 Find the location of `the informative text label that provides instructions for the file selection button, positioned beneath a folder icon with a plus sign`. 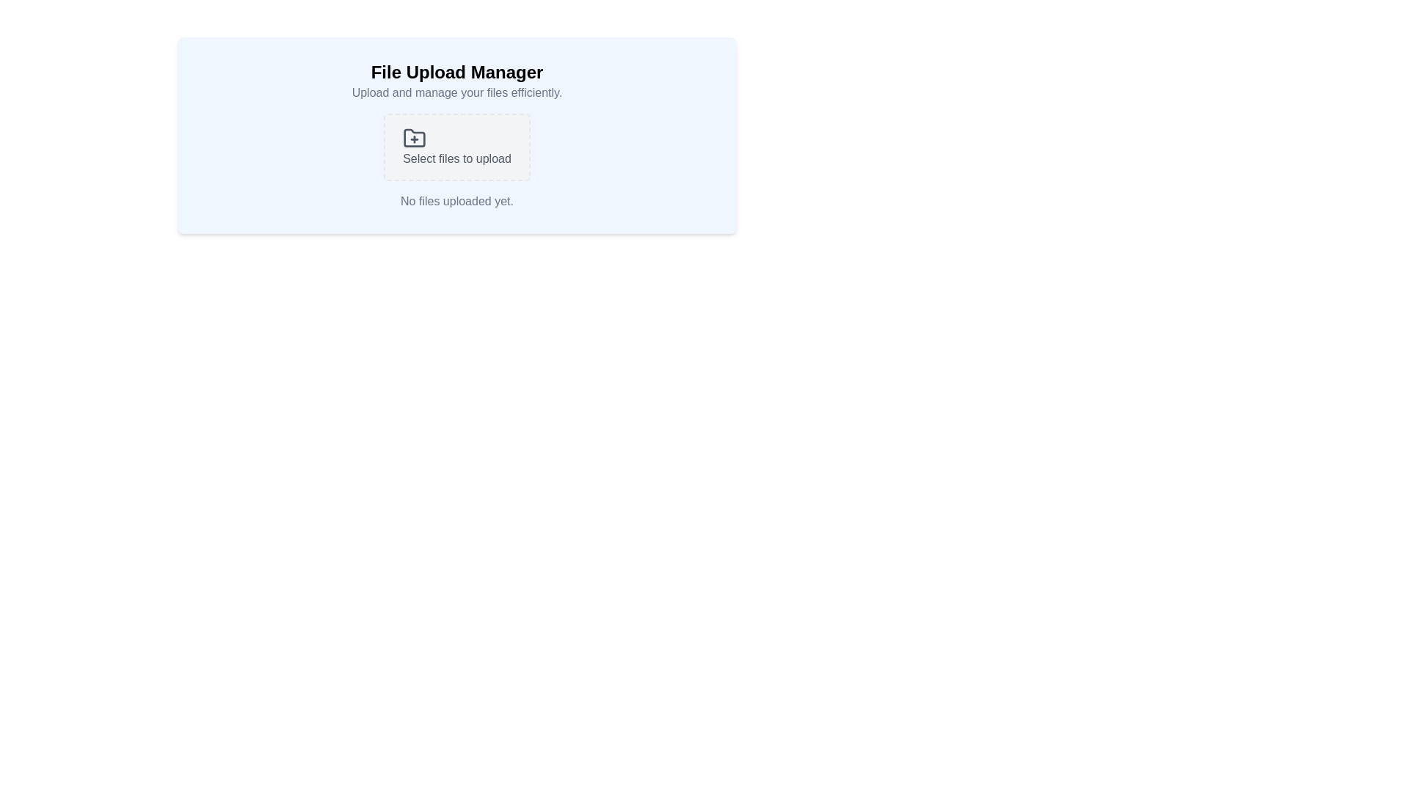

the informative text label that provides instructions for the file selection button, positioned beneath a folder icon with a plus sign is located at coordinates (456, 158).